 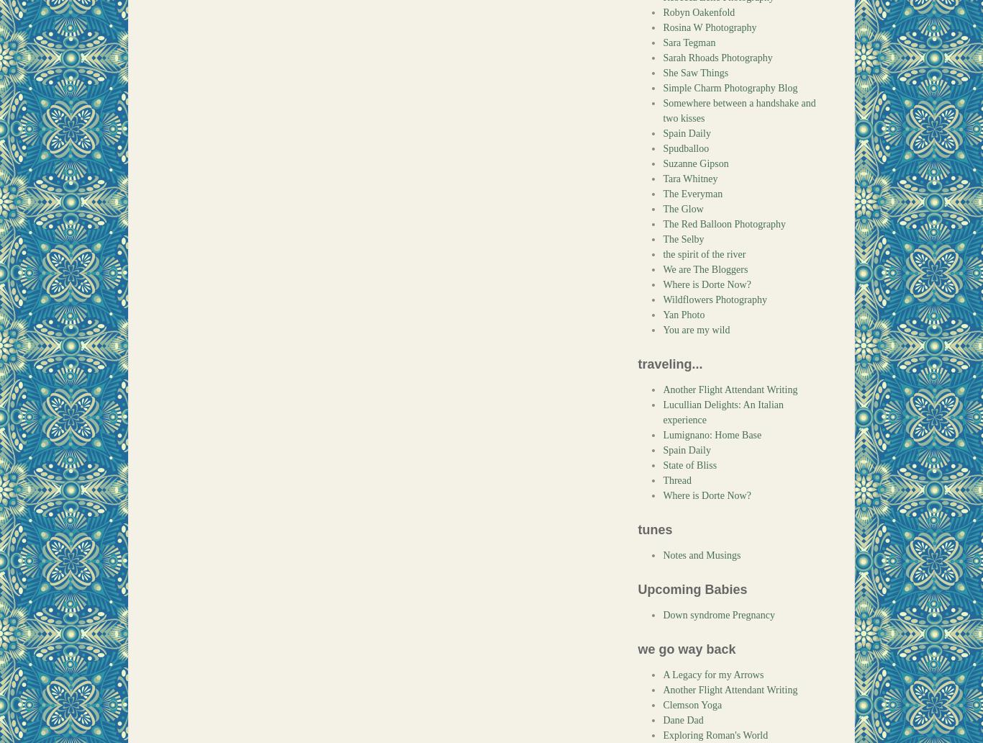 What do you see at coordinates (692, 194) in the screenshot?
I see `'The Everyman'` at bounding box center [692, 194].